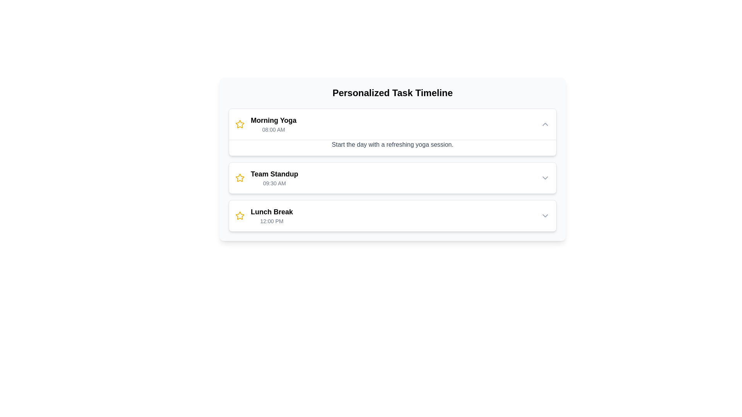 The image size is (742, 417). What do you see at coordinates (272, 212) in the screenshot?
I see `text of the Text Label element that serves as a heading or title for a task or event, located in the third row of vertically stacked task items` at bounding box center [272, 212].